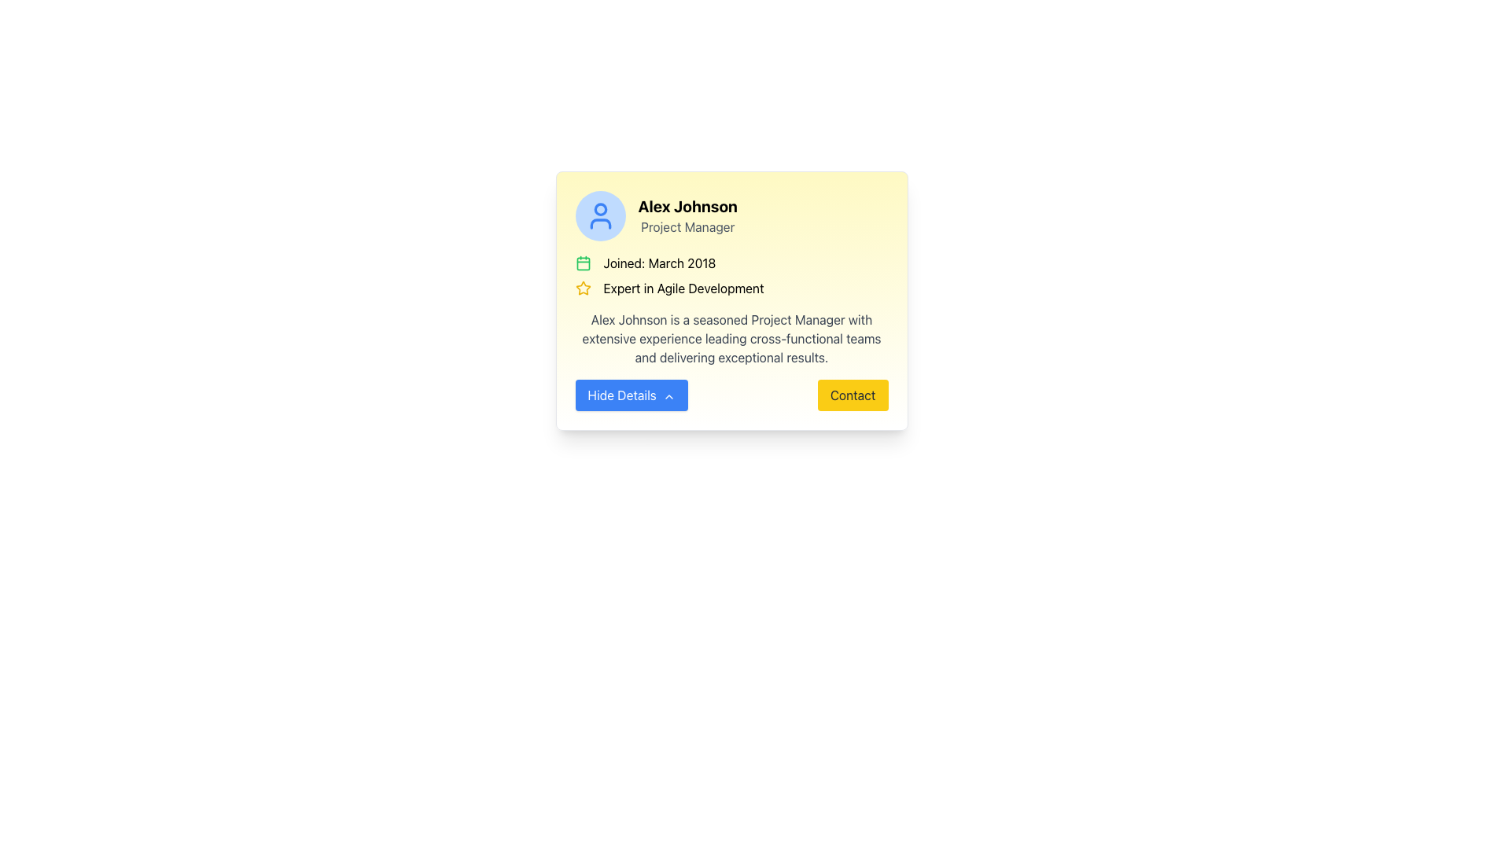  What do you see at coordinates (599, 215) in the screenshot?
I see `the SVG Icon located at the top-left corner of the card, which serves as a representative icon for the user` at bounding box center [599, 215].